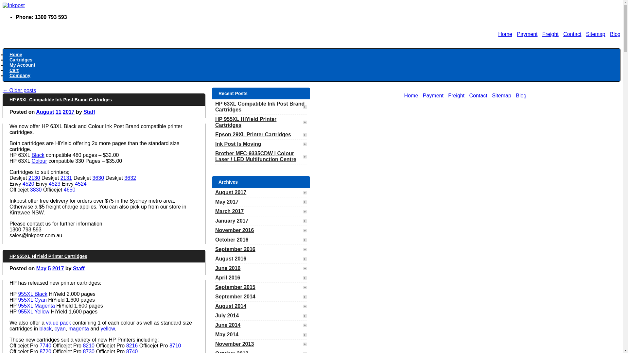  What do you see at coordinates (234, 306) in the screenshot?
I see `'August 2014'` at bounding box center [234, 306].